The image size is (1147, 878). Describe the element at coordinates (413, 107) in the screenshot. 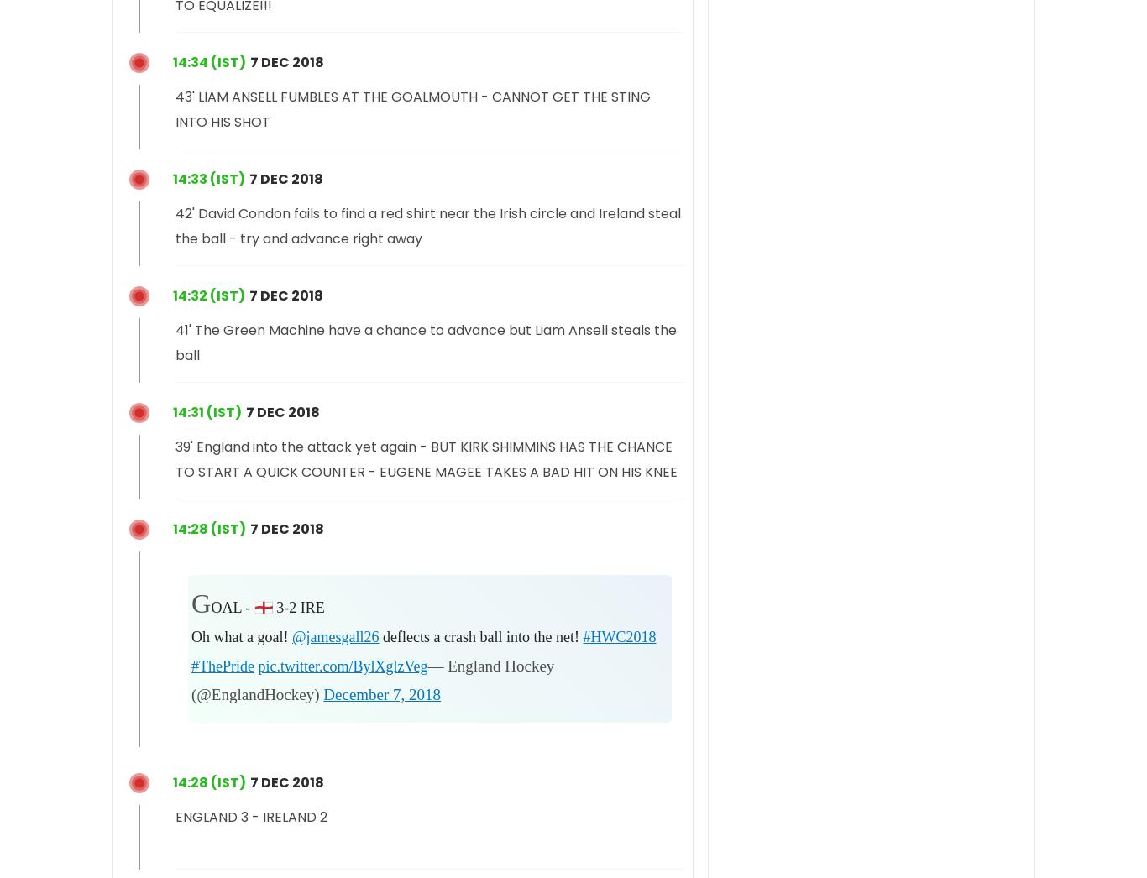

I see `'43' LIAM ANSELL FUMBLES AT THE GOALMOUTH - CANNOT GET THE STING INTO HIS SHOT'` at that location.